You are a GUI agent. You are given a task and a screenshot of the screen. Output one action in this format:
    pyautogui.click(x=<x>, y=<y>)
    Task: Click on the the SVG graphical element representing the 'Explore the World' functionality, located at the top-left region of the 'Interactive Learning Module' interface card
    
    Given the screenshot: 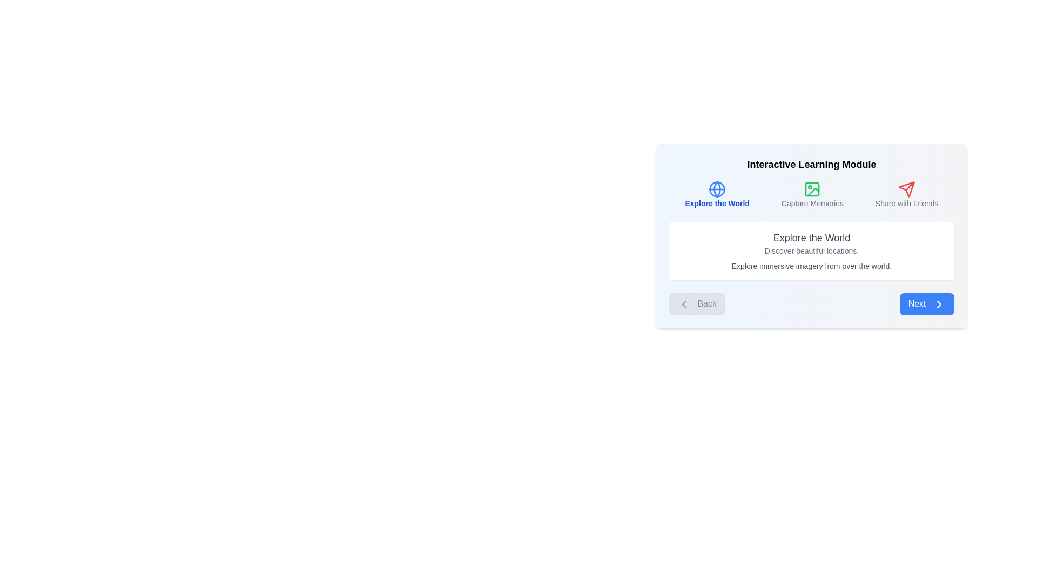 What is the action you would take?
    pyautogui.click(x=717, y=189)
    